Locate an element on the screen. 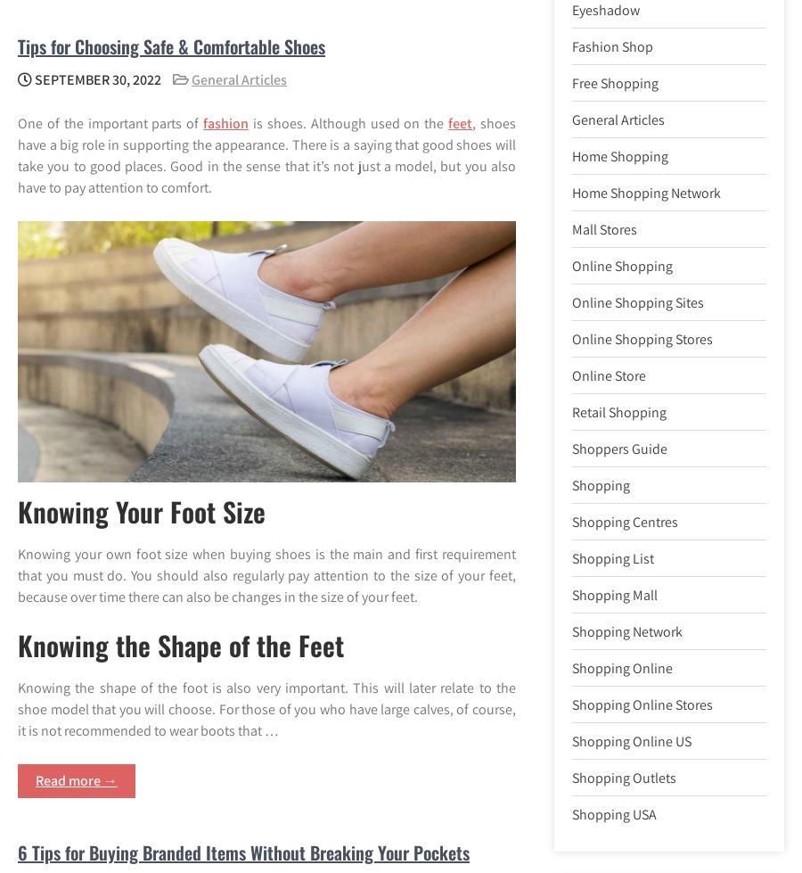 This screenshot has height=873, width=802. 'Shopping Centres' is located at coordinates (624, 520).